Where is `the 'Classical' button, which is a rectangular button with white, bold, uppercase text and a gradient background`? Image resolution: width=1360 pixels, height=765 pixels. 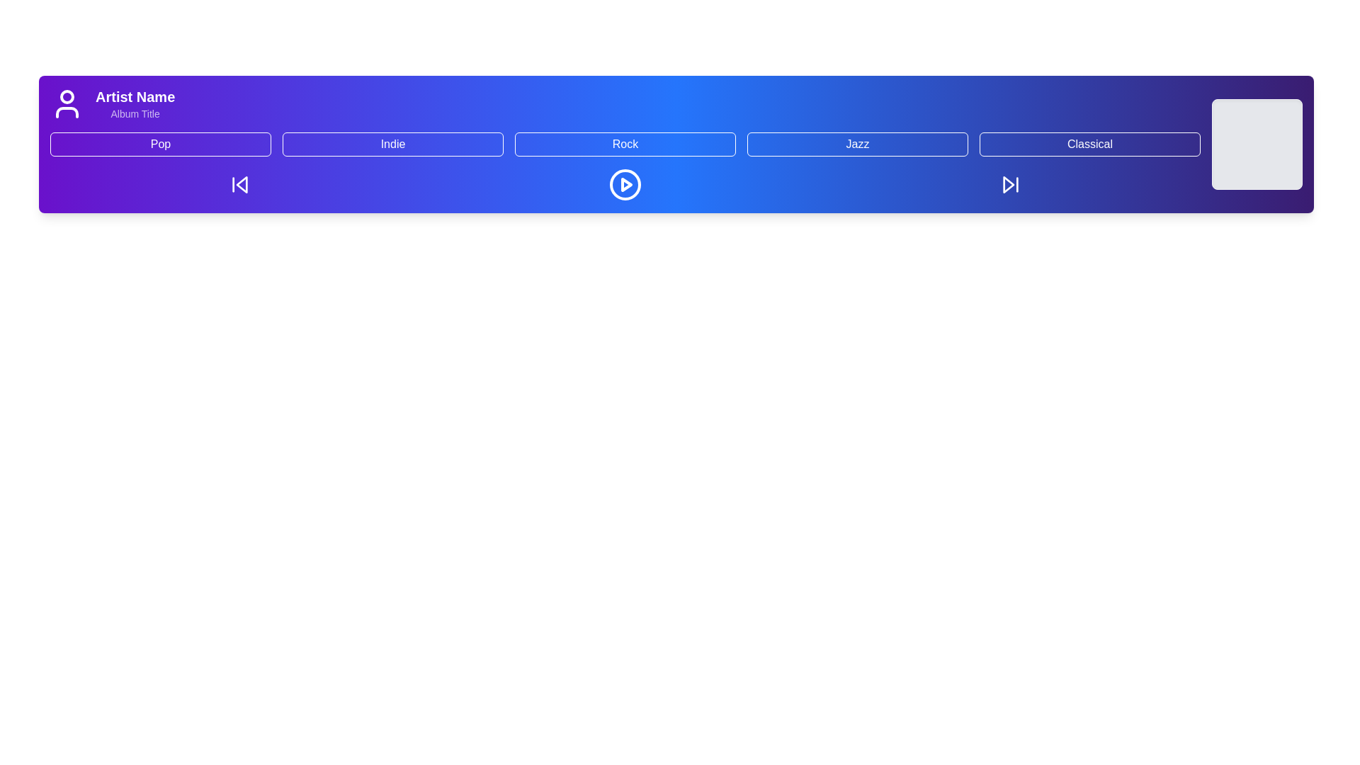 the 'Classical' button, which is a rectangular button with white, bold, uppercase text and a gradient background is located at coordinates (1089, 144).